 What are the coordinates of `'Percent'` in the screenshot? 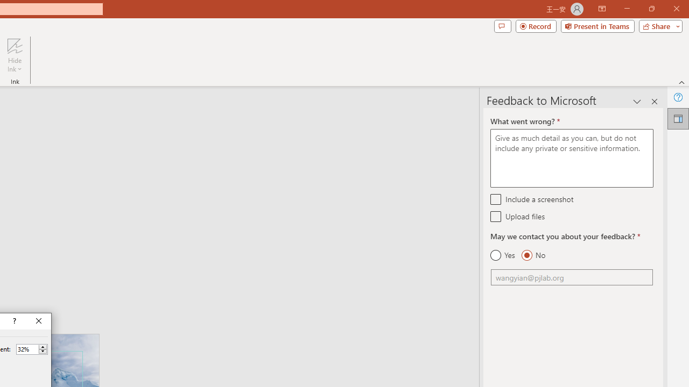 It's located at (32, 349).